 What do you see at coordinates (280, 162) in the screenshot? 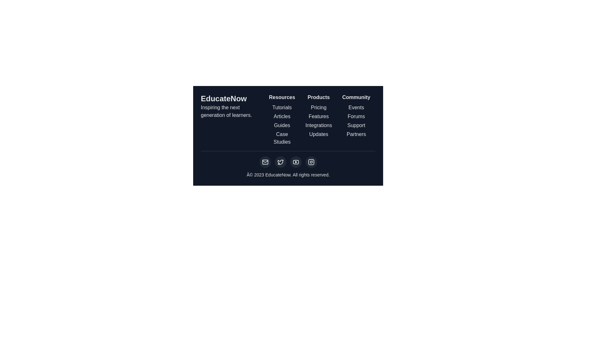
I see `the white Twitter icon button with a dark gray background` at bounding box center [280, 162].